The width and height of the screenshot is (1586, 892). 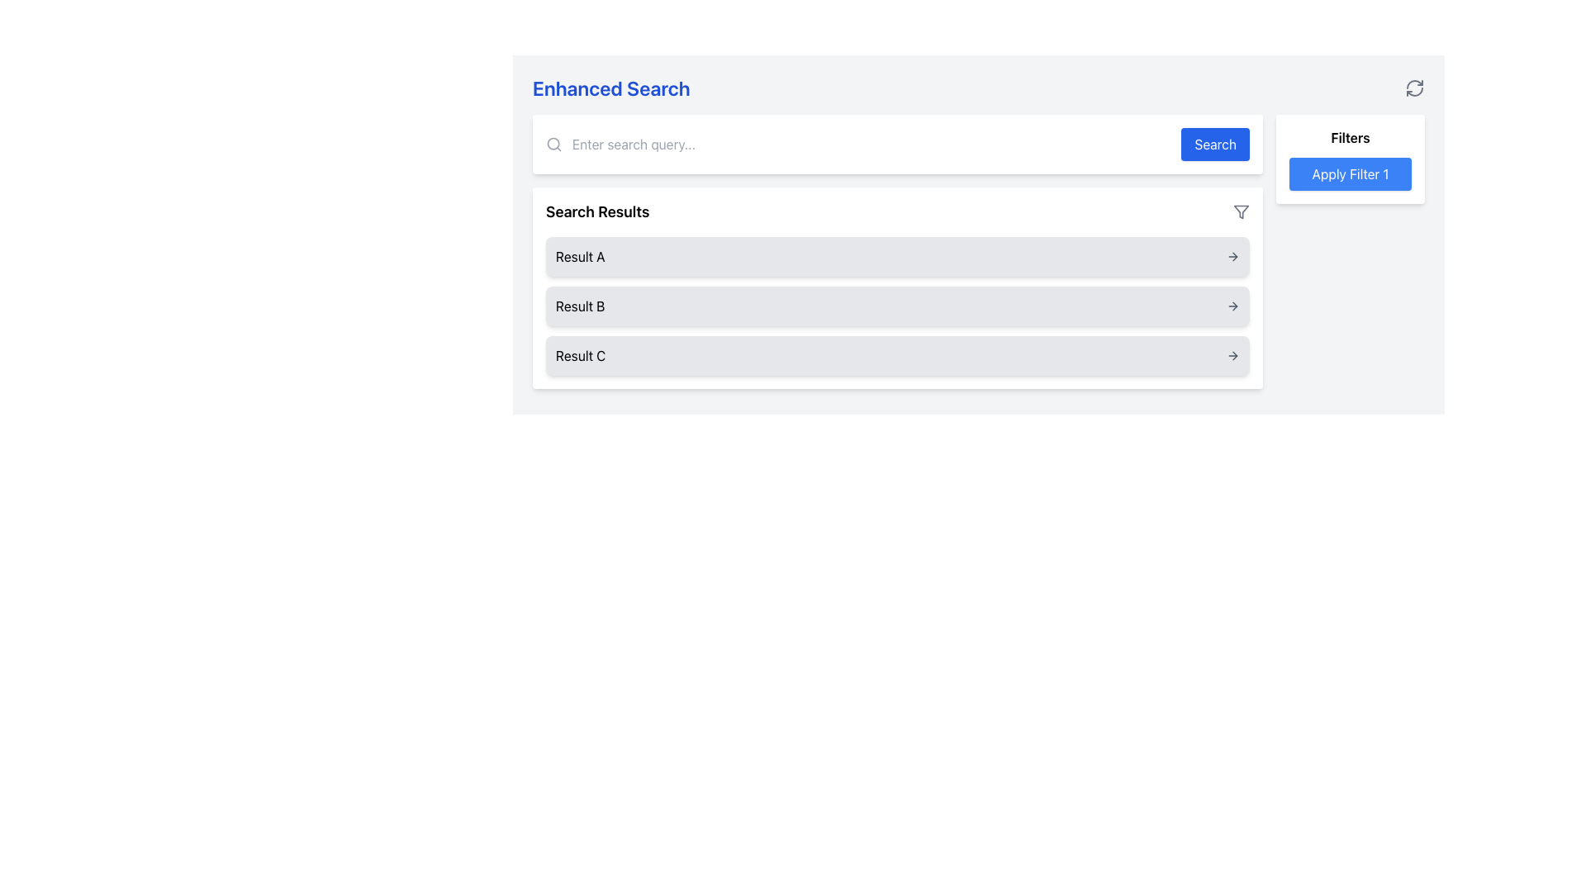 What do you see at coordinates (554, 143) in the screenshot?
I see `the magnifying glass icon located within the search bar, positioned to the left of the text input field and the 'Search' button` at bounding box center [554, 143].